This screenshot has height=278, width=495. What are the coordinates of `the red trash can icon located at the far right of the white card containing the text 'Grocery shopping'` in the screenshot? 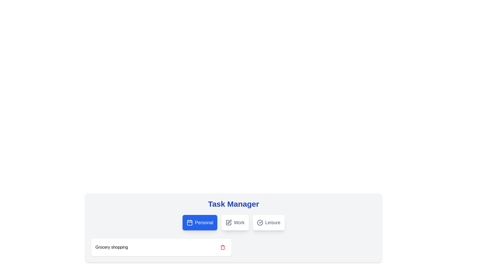 It's located at (223, 247).